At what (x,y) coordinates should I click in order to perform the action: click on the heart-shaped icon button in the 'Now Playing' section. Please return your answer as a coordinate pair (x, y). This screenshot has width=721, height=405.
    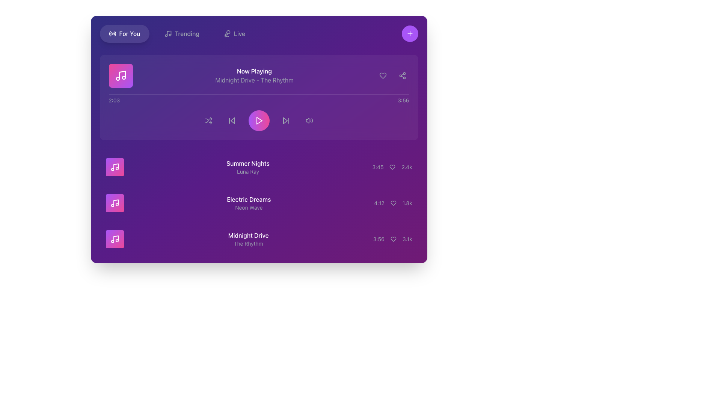
    Looking at the image, I should click on (383, 75).